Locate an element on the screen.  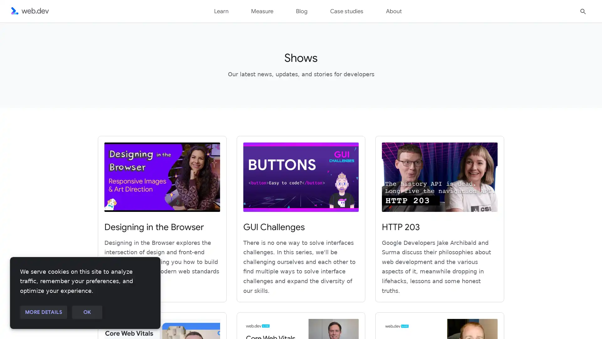
Open search is located at coordinates (583, 11).